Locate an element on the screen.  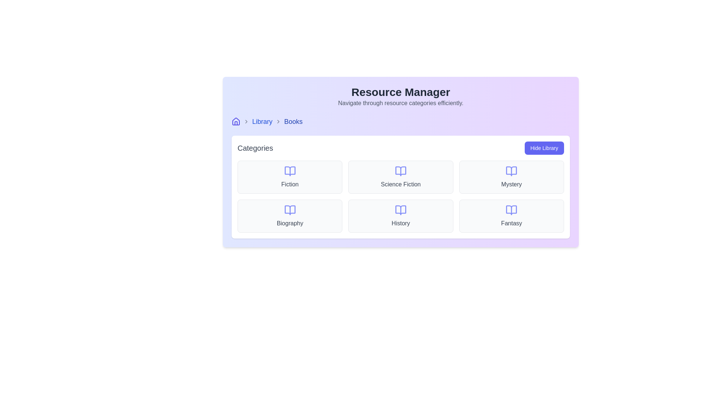
the 'Fantasy' category label located at the bottom-right corner of the category grid, beneath its associated icon is located at coordinates (511, 223).